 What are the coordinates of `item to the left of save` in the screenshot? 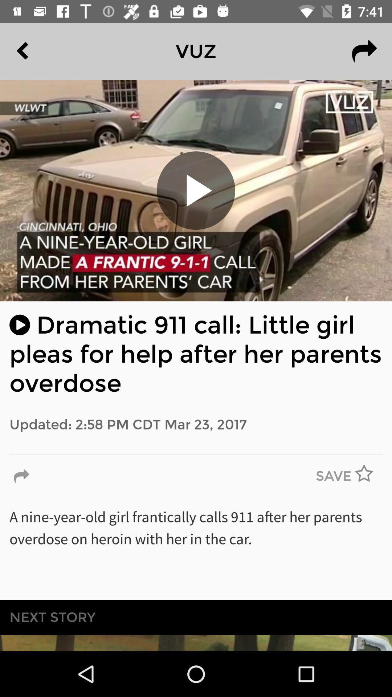 It's located at (21, 476).